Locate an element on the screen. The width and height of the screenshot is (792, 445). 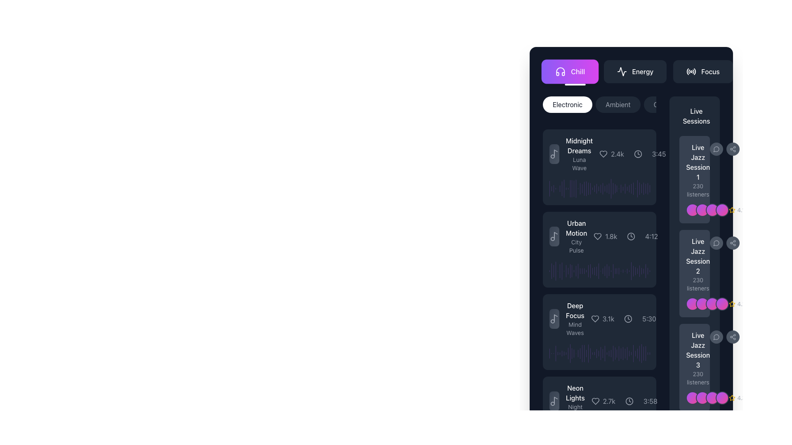
the third circular UI component in the row, which has a gradient fill from purple to pink and a thin gray border, located near the 'Live Jazz Session 2' label is located at coordinates (712, 304).